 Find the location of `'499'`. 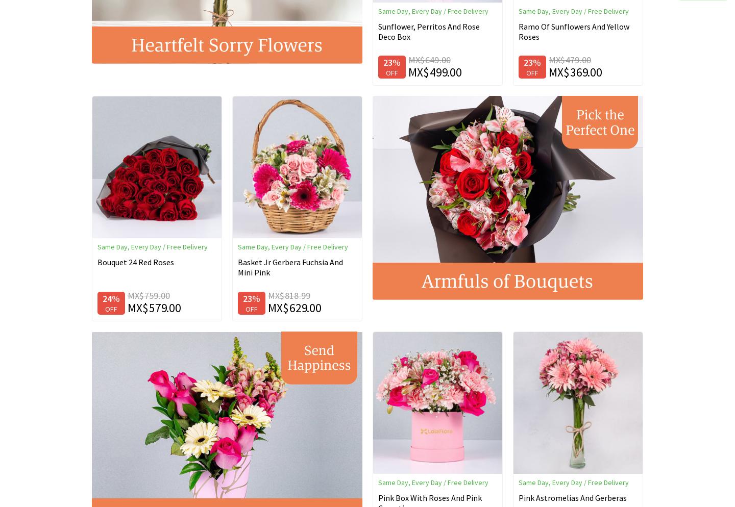

'499' is located at coordinates (438, 71).